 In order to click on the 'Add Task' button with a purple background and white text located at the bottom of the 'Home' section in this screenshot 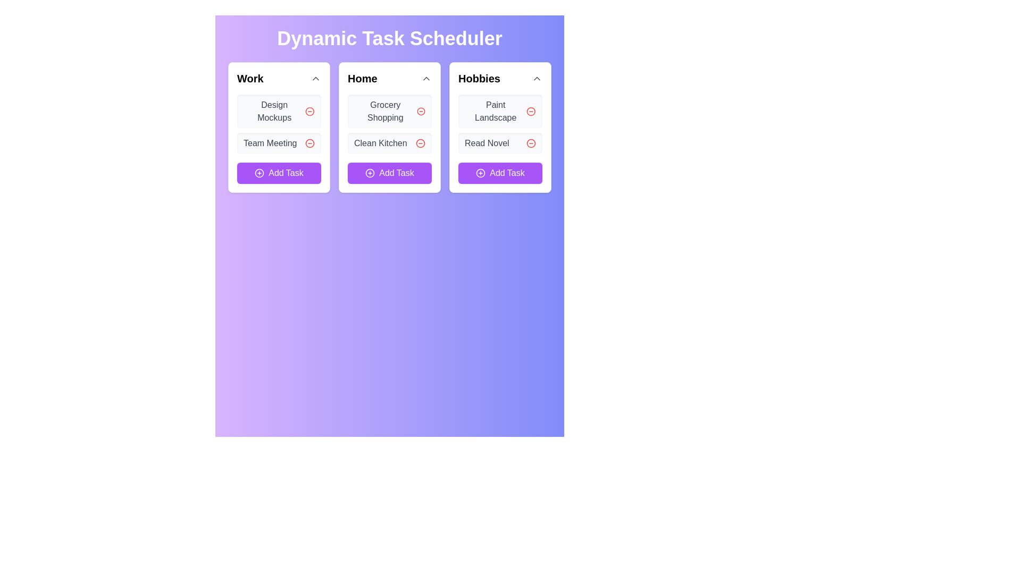, I will do `click(389, 173)`.